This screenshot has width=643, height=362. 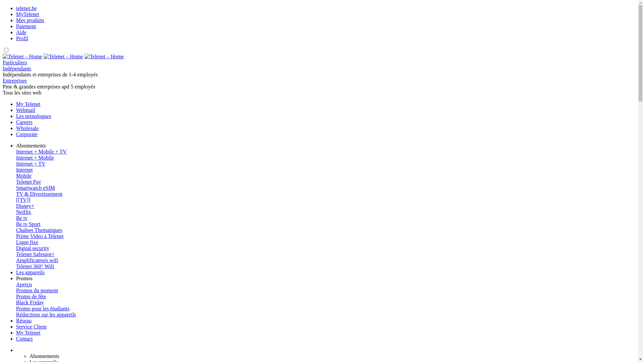 I want to click on 'Mes produits', so click(x=30, y=20).